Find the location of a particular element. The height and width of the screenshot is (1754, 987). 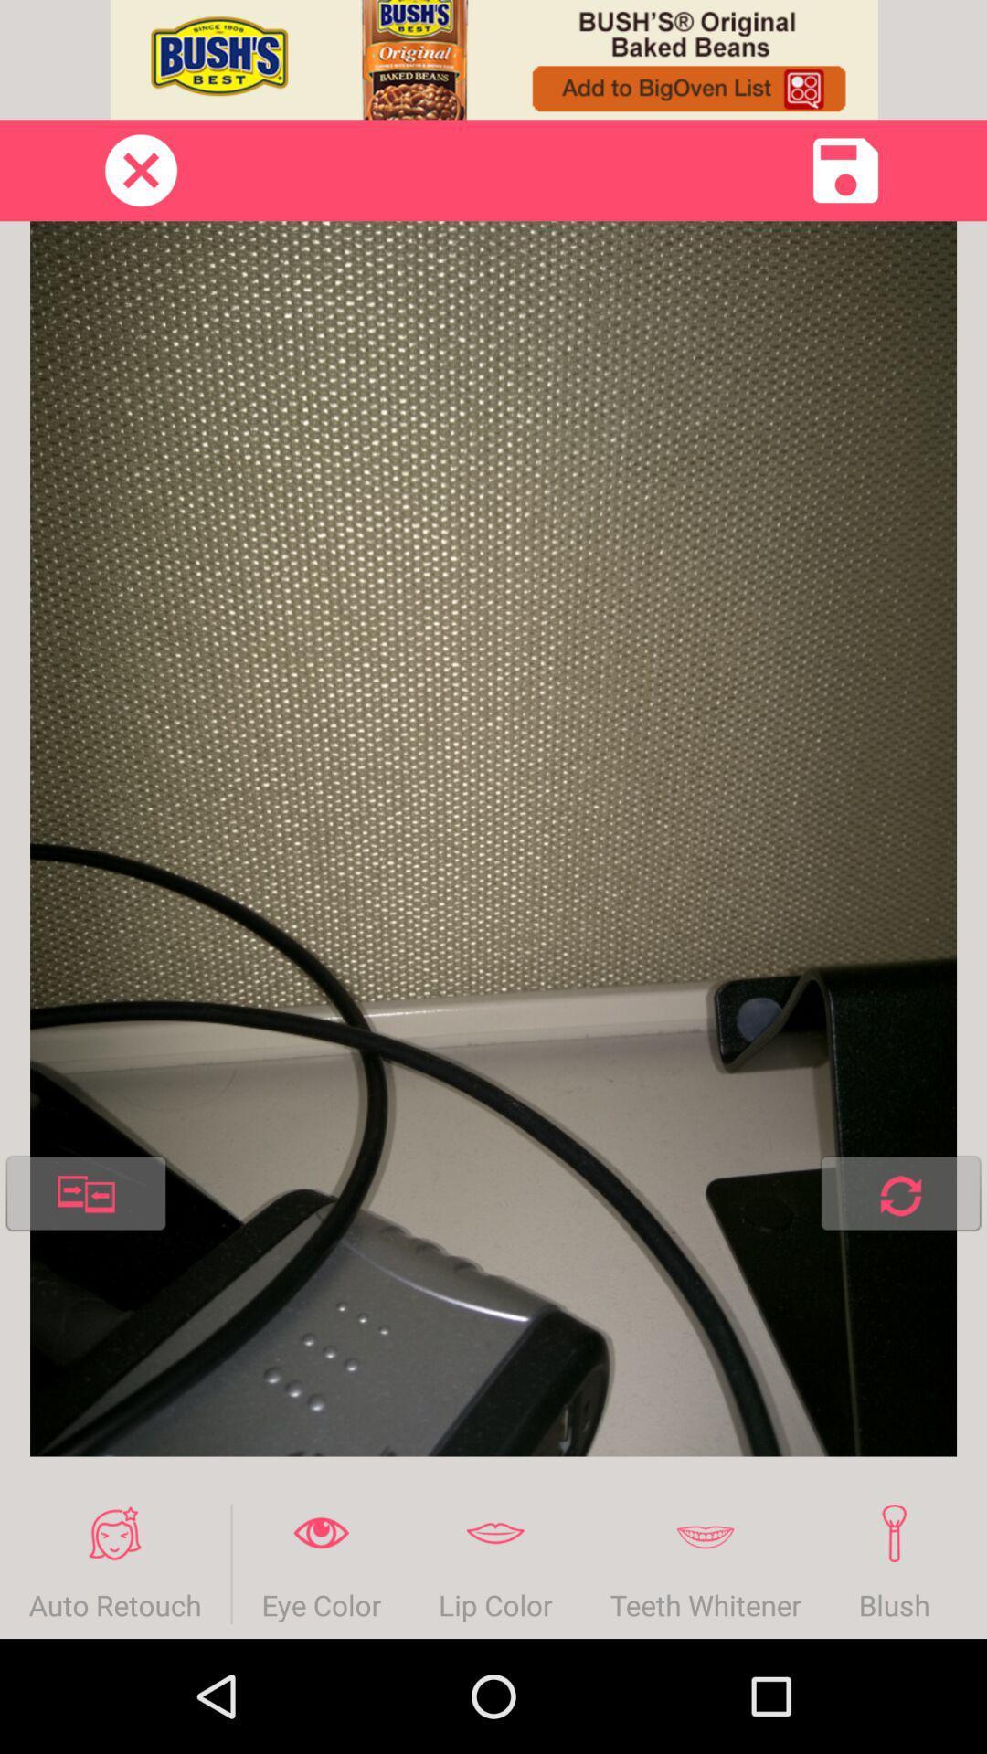

screen is located at coordinates (140, 170).